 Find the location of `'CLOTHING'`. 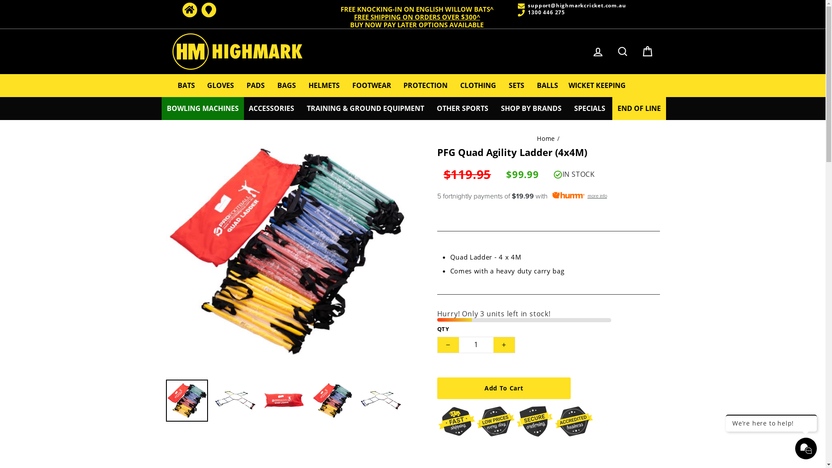

'CLOTHING' is located at coordinates (478, 85).